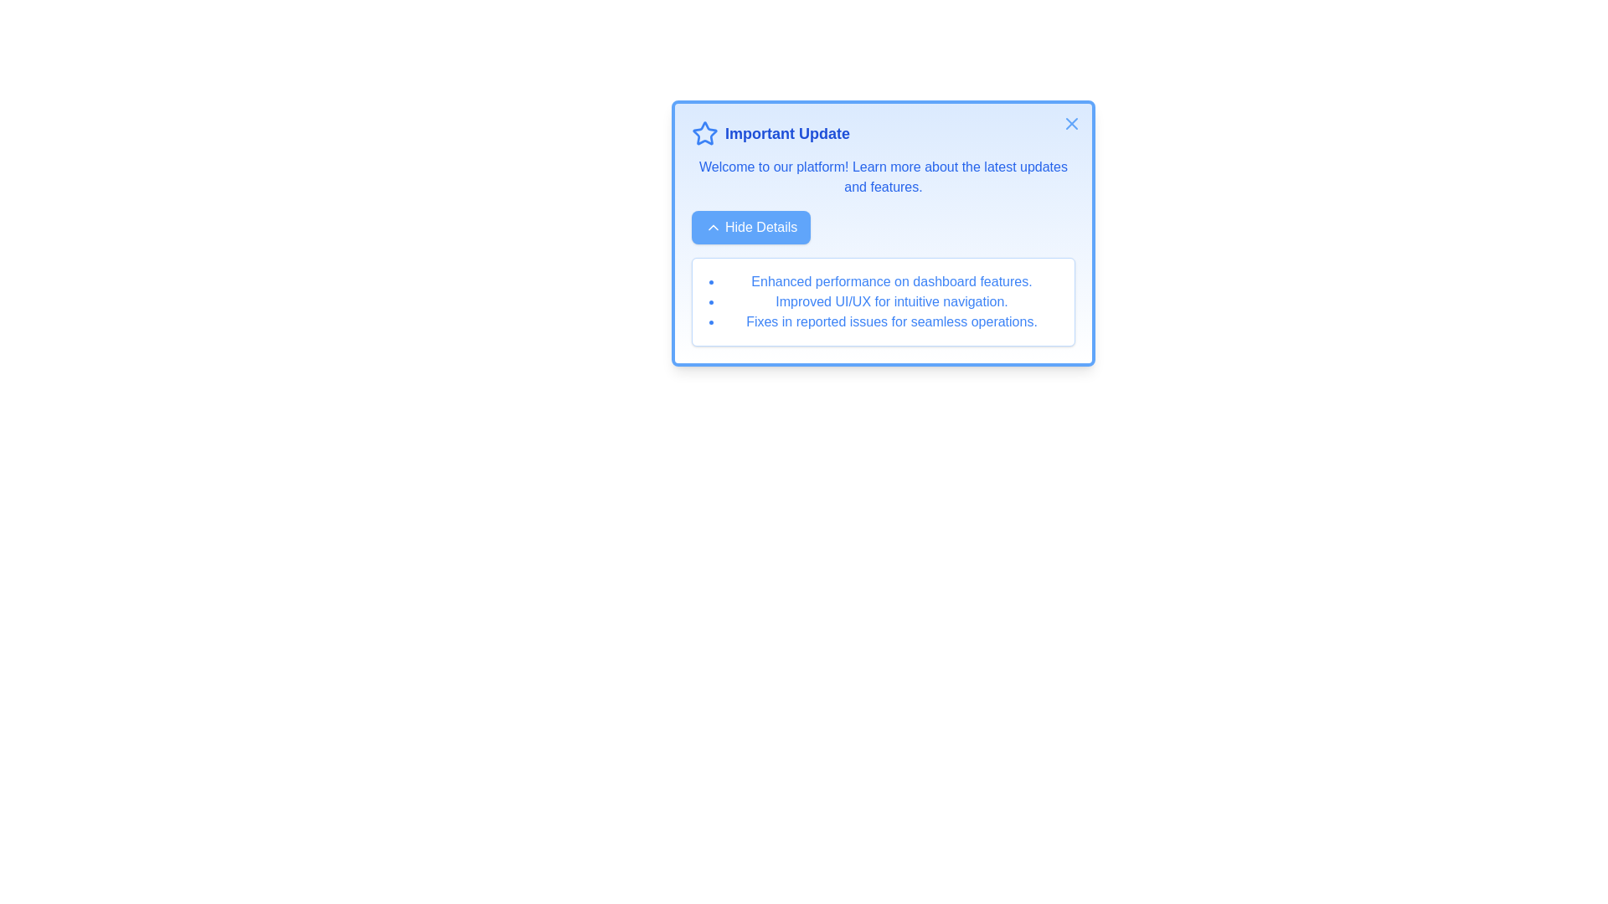 The height and width of the screenshot is (904, 1608). What do you see at coordinates (750, 228) in the screenshot?
I see `the 'Hide Details' button to toggle the visibility of detailed information` at bounding box center [750, 228].